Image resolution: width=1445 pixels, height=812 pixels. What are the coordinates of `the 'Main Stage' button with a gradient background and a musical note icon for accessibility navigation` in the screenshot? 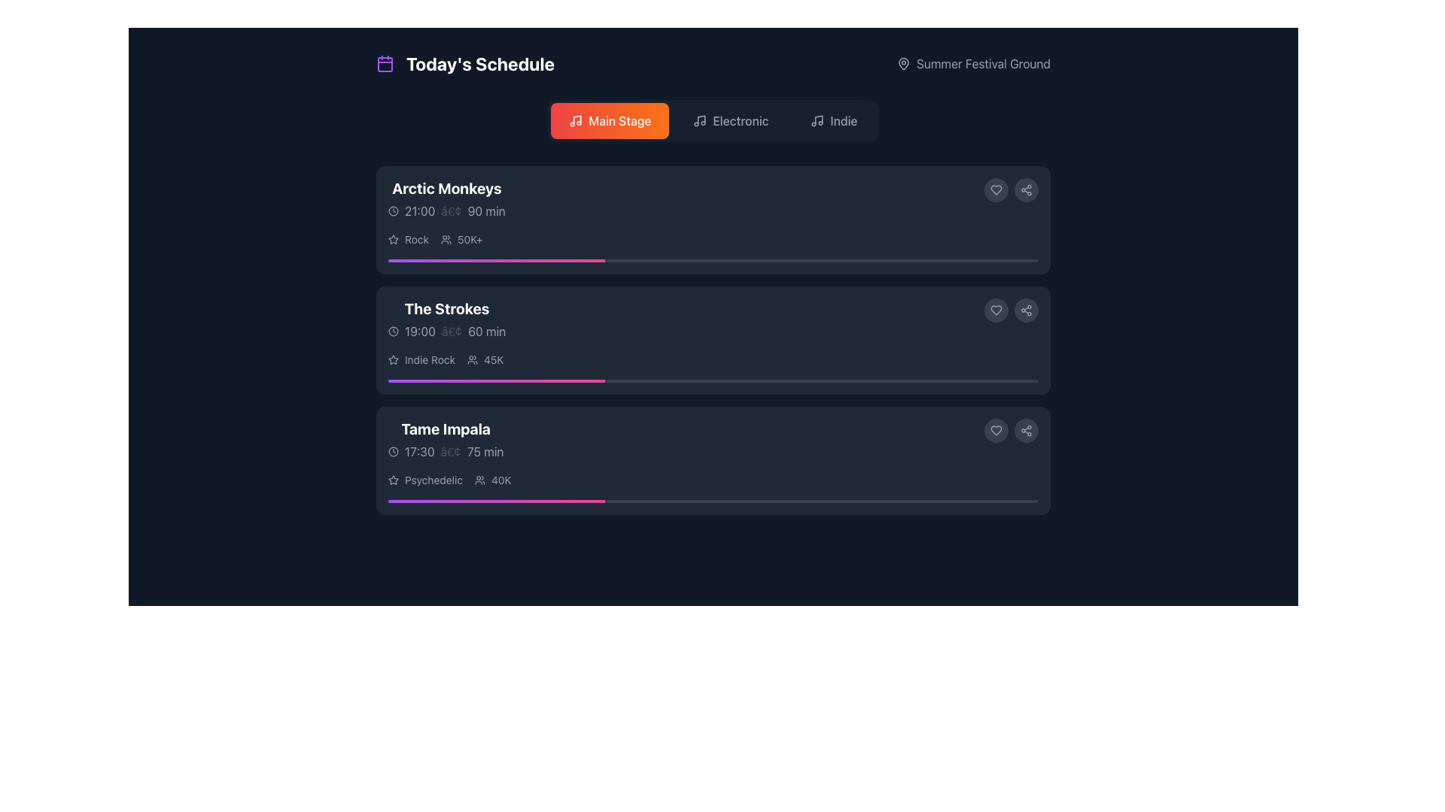 It's located at (610, 120).